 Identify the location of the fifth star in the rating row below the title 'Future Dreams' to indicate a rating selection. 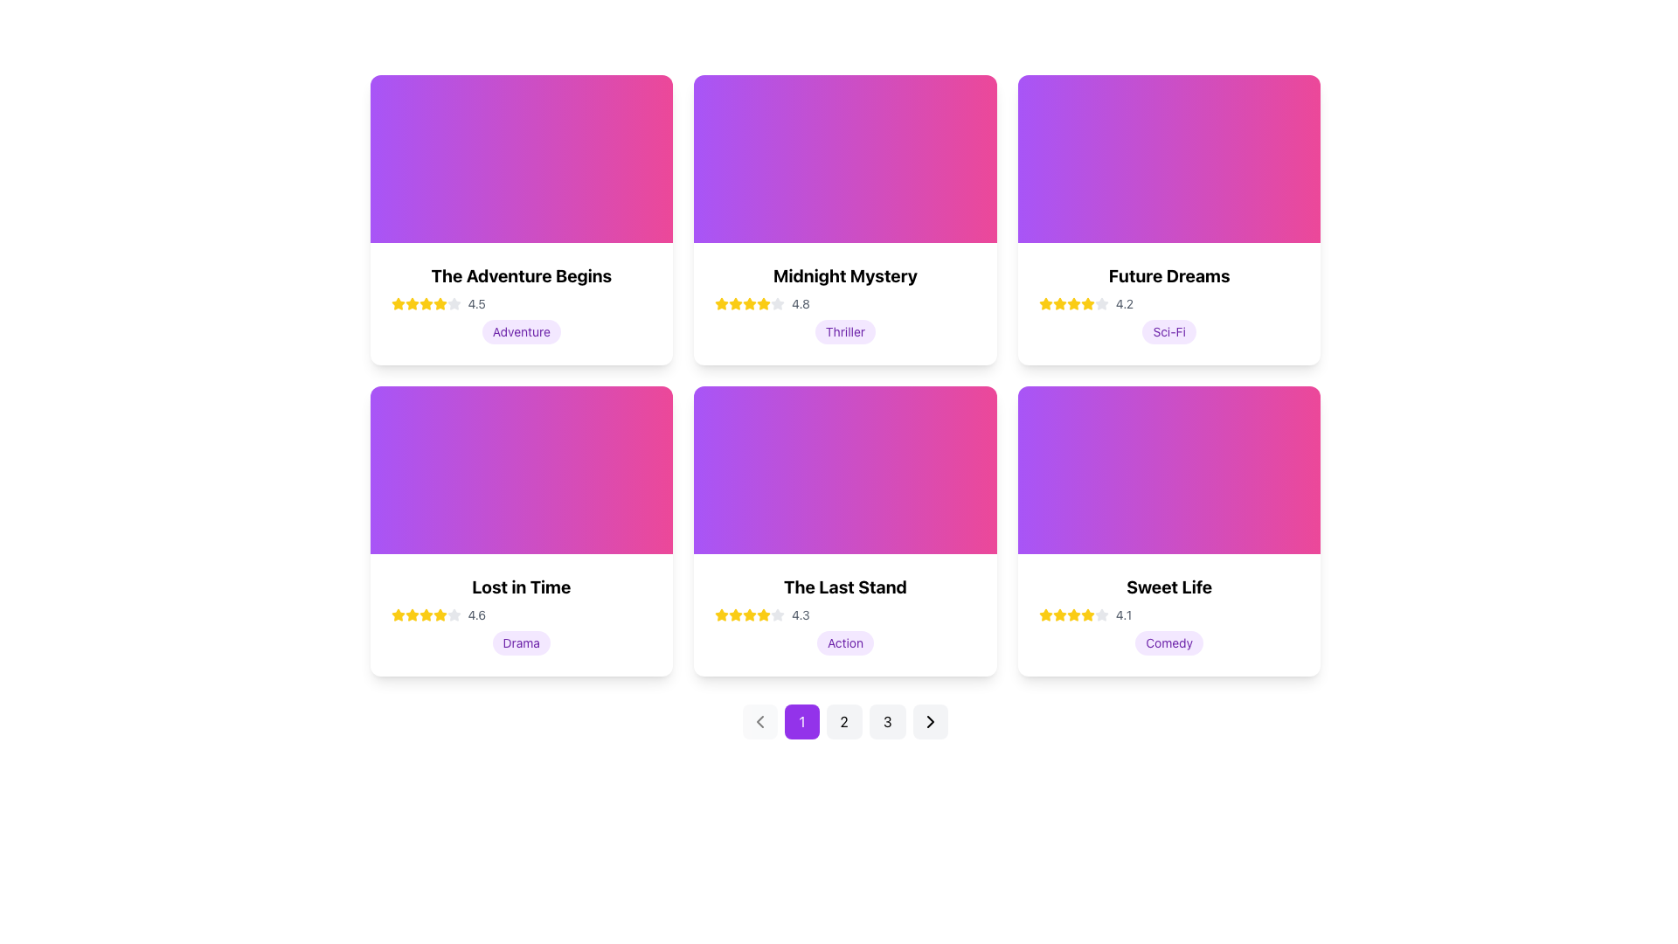
(1086, 302).